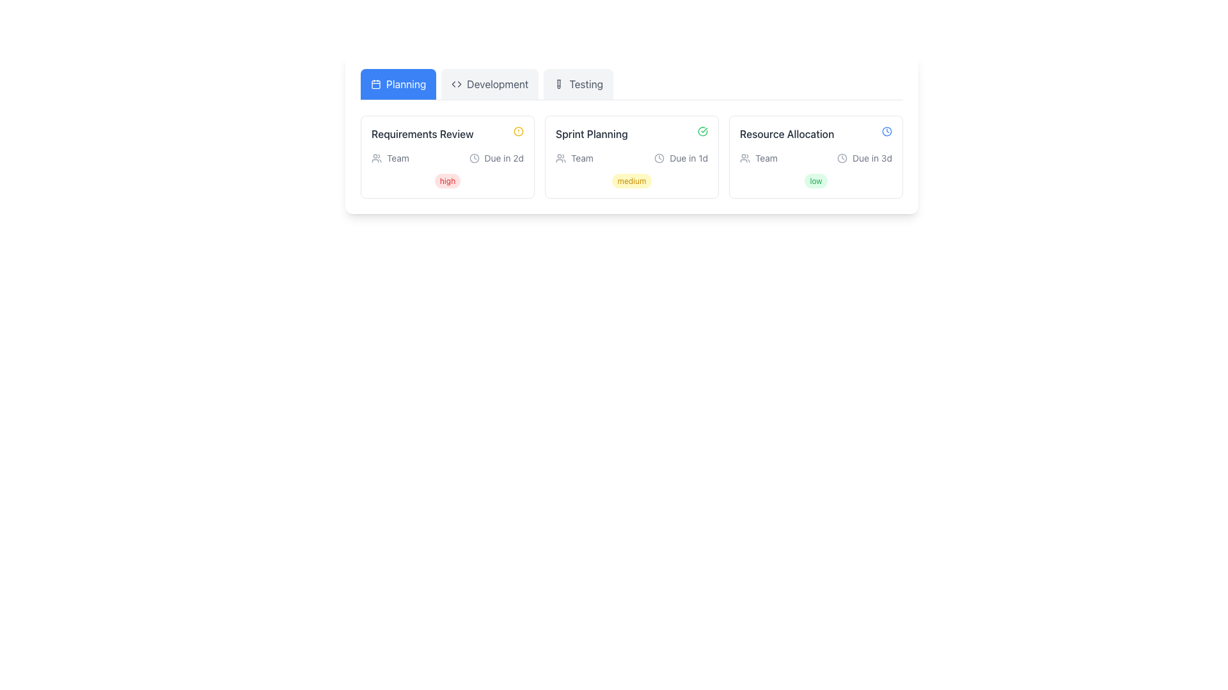  Describe the element at coordinates (759, 157) in the screenshot. I see `the 'Team' label with a group of people icon located in the 'Resource Allocation' box under the 'Planning' tab` at that location.